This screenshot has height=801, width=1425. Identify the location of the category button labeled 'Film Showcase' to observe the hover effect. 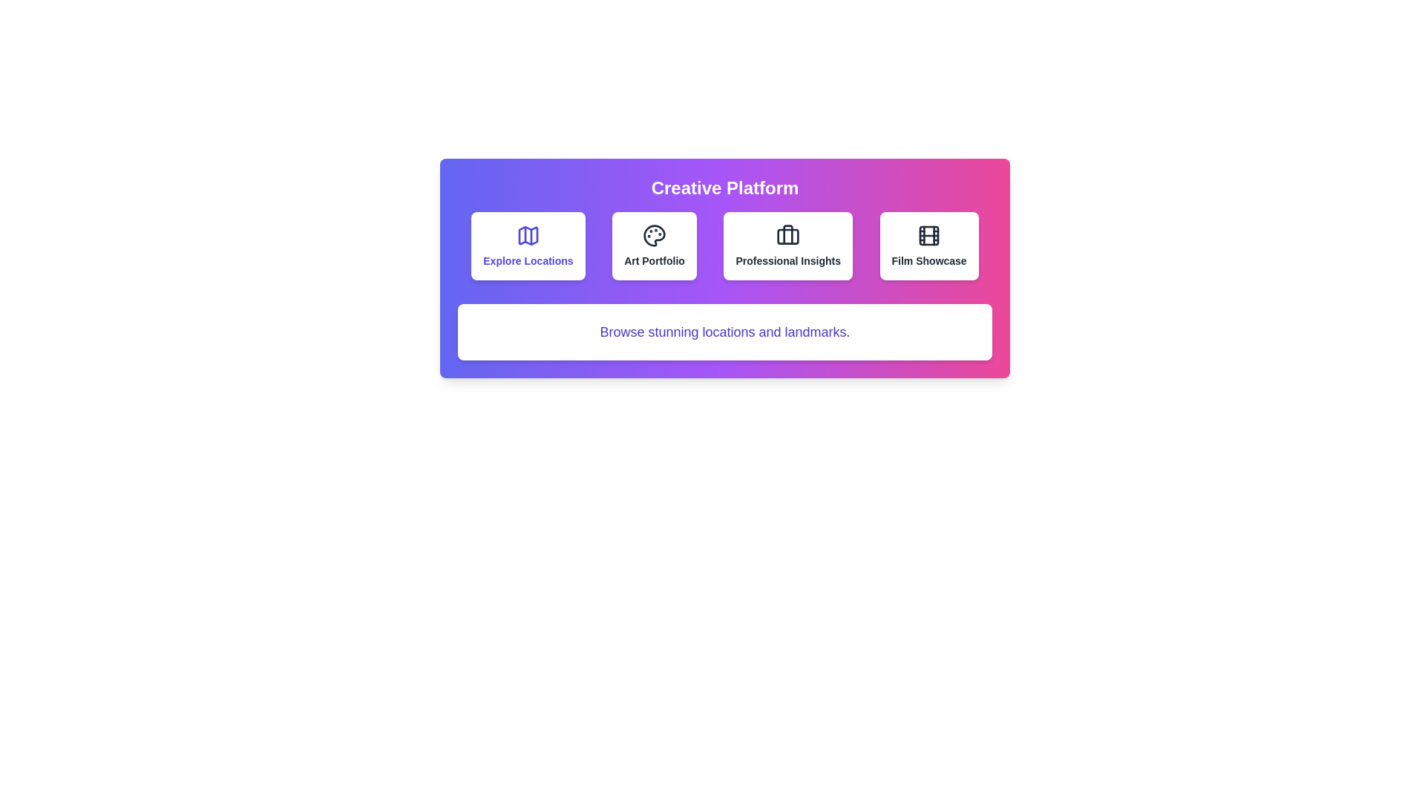
(928, 245).